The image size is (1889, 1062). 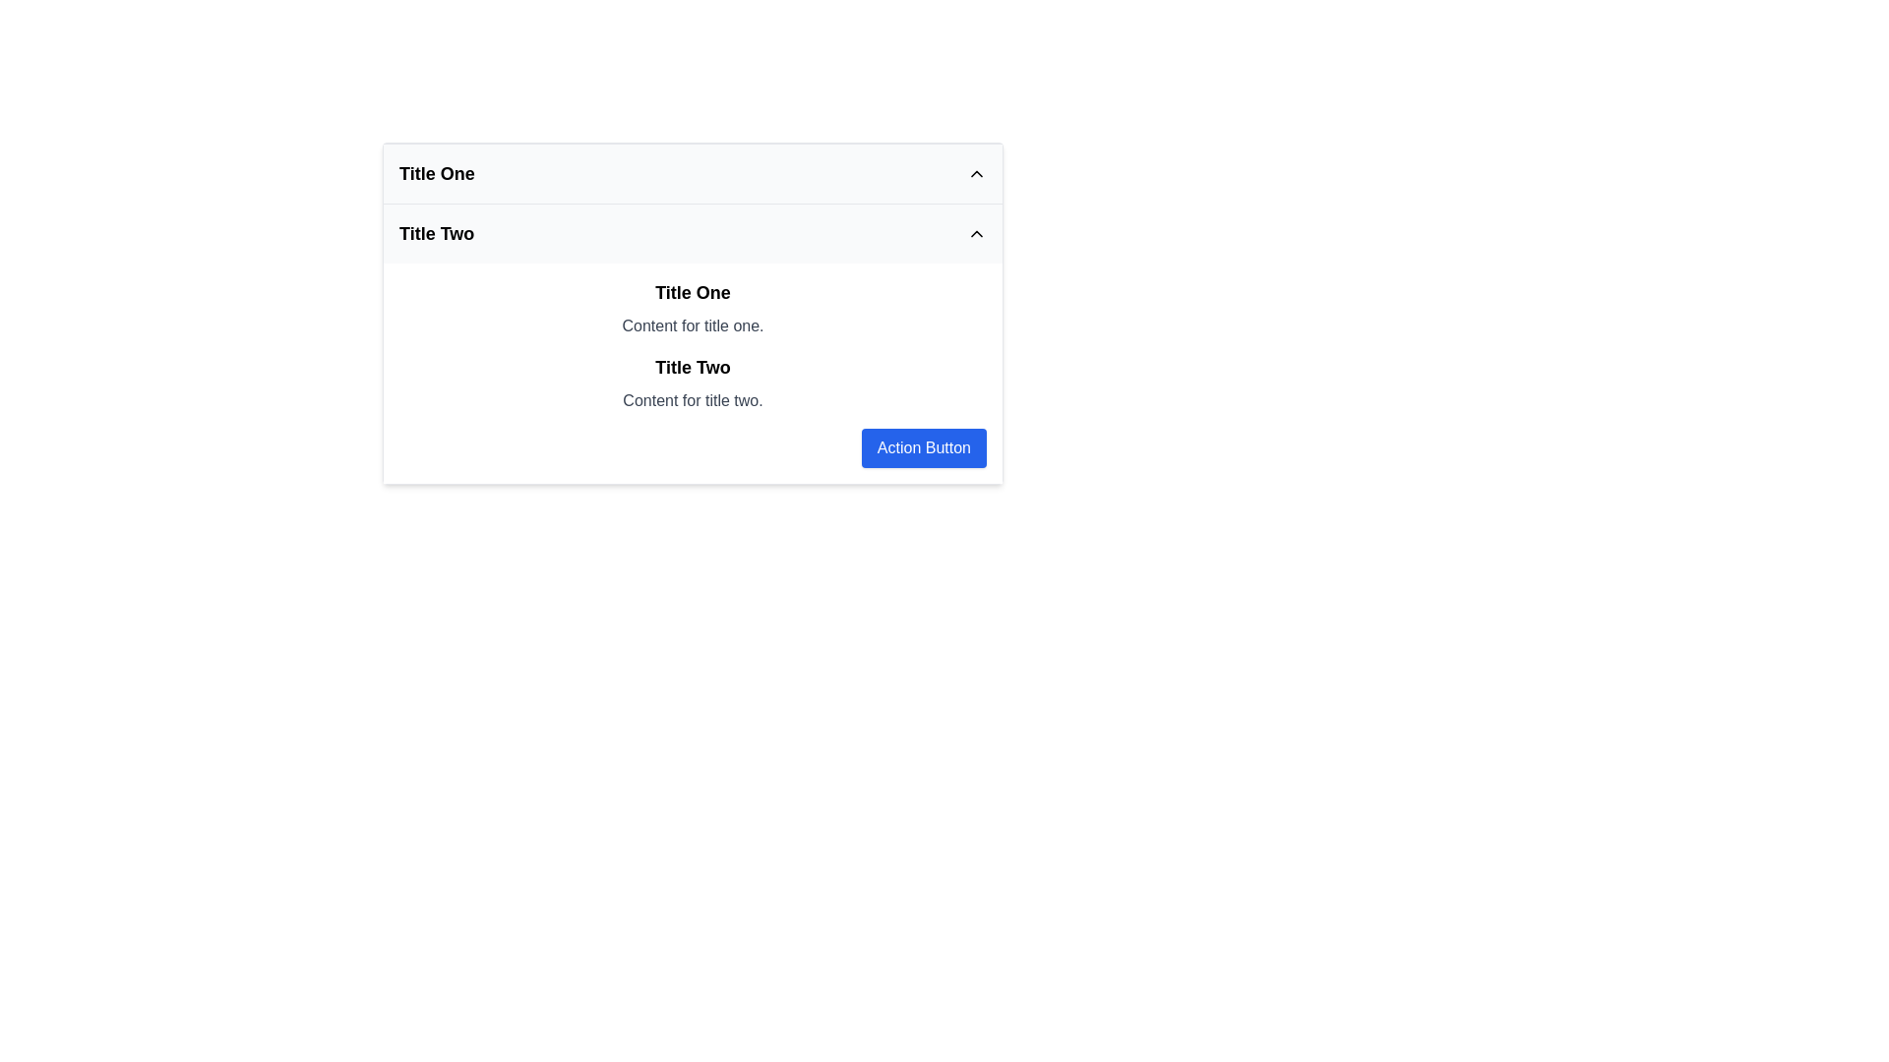 What do you see at coordinates (977, 233) in the screenshot?
I see `the small upward-pointing chevron icon located to the right of the 'Title Two' section` at bounding box center [977, 233].